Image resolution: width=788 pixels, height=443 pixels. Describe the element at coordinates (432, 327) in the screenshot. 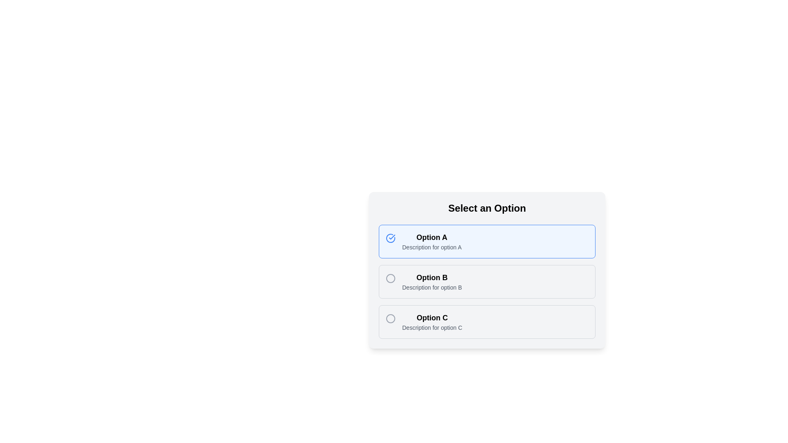

I see `the text displaying 'Description for option C' located below the bold 'Option C' text within the card labeled 'Option C'` at that location.